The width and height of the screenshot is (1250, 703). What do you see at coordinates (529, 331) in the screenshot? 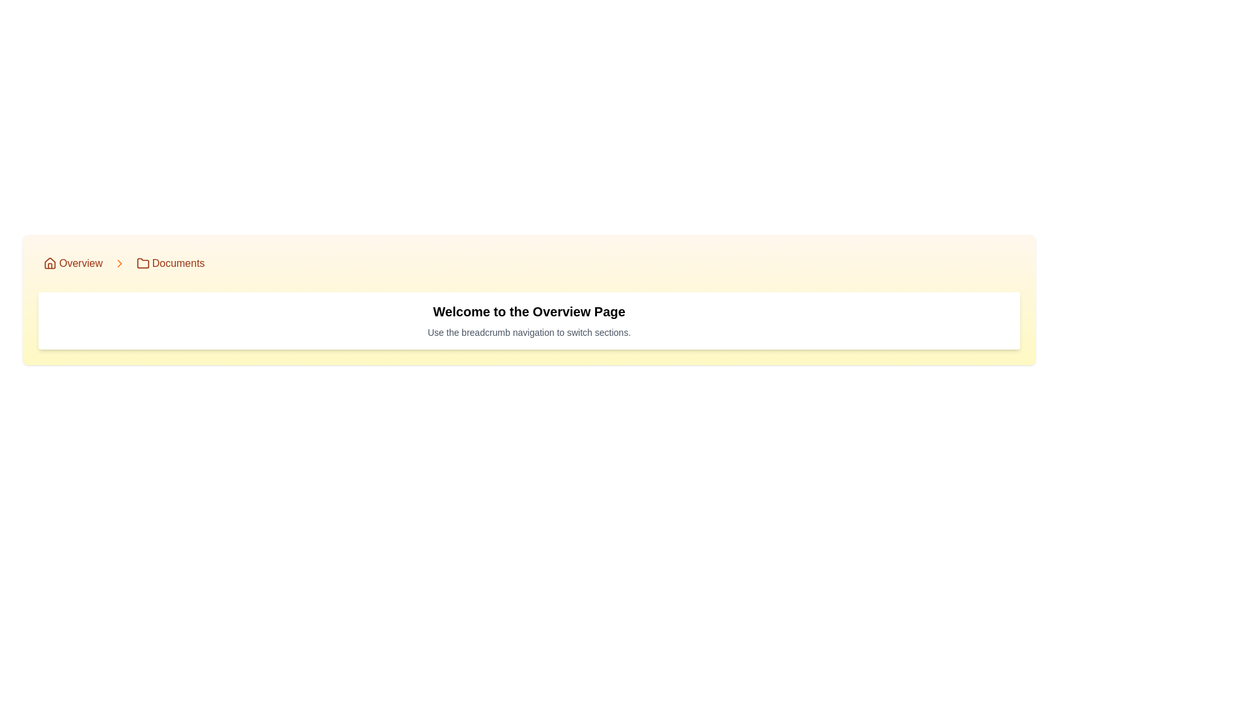
I see `the static instructional text below the title 'Welcome to the Overview Page' that guides users on using breadcrumb navigation` at bounding box center [529, 331].